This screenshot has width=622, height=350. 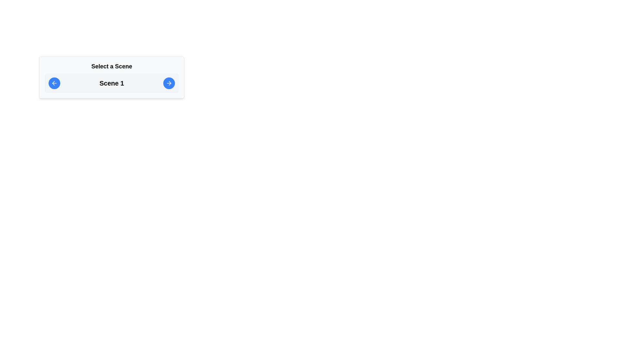 What do you see at coordinates (169, 83) in the screenshot?
I see `the navigation icon located on the right side of the selection interface next to the text 'Scene 1'` at bounding box center [169, 83].